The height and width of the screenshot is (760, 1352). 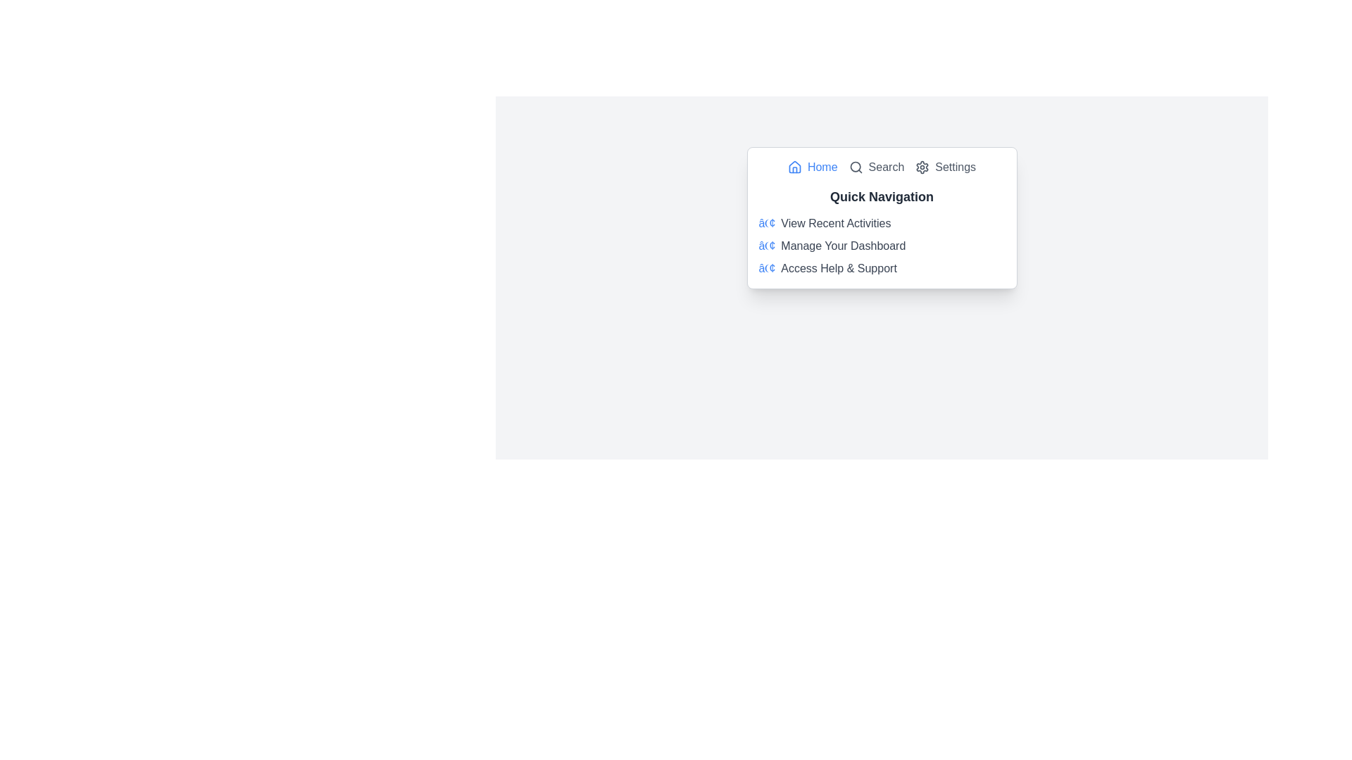 I want to click on the blue bullet point icon located to the left of the text 'Manage Your Dashboard', so click(x=766, y=246).